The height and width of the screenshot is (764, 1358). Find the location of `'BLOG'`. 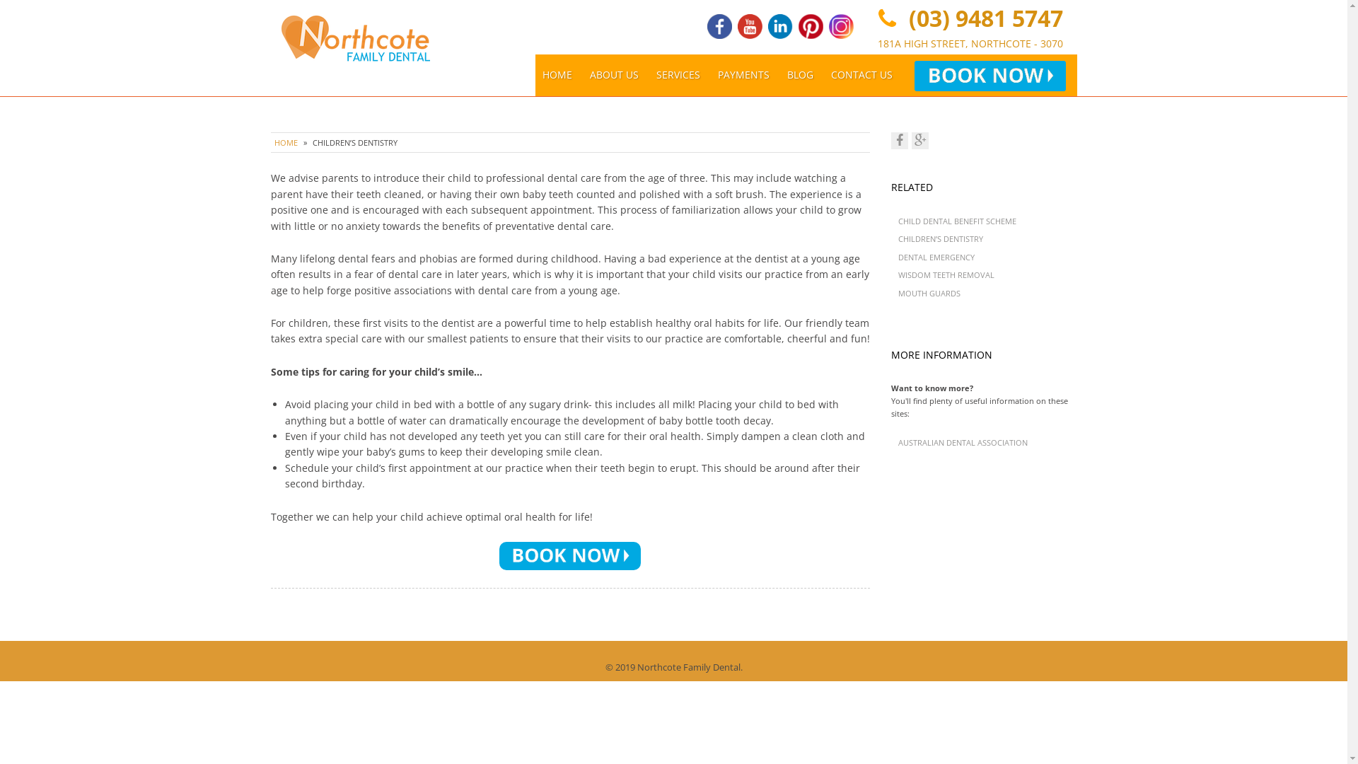

'BLOG' is located at coordinates (800, 74).